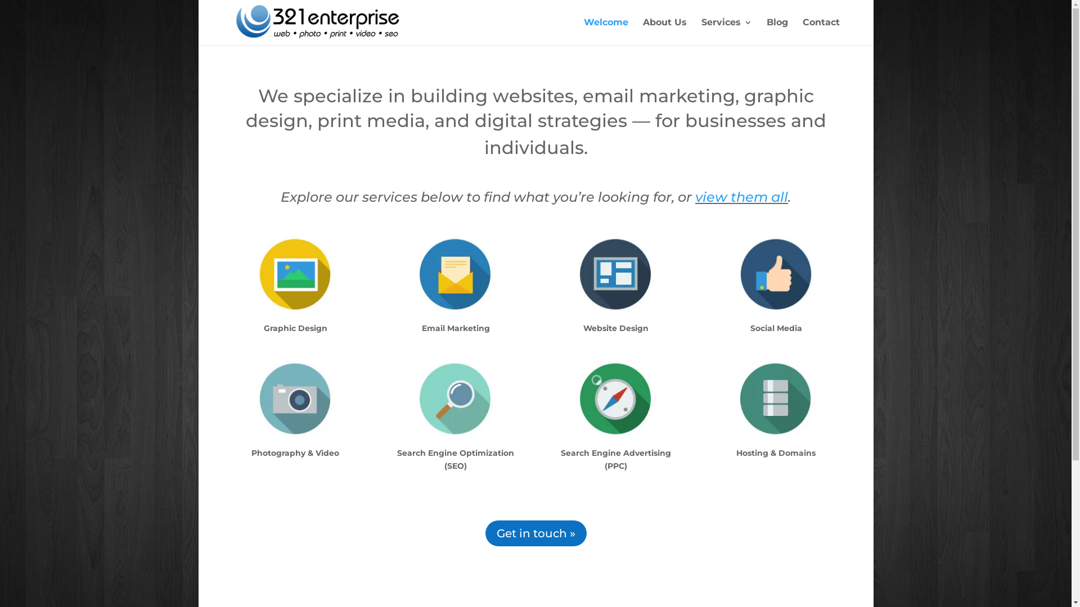 This screenshot has width=1080, height=607. I want to click on 'compass-tout', so click(552, 398).